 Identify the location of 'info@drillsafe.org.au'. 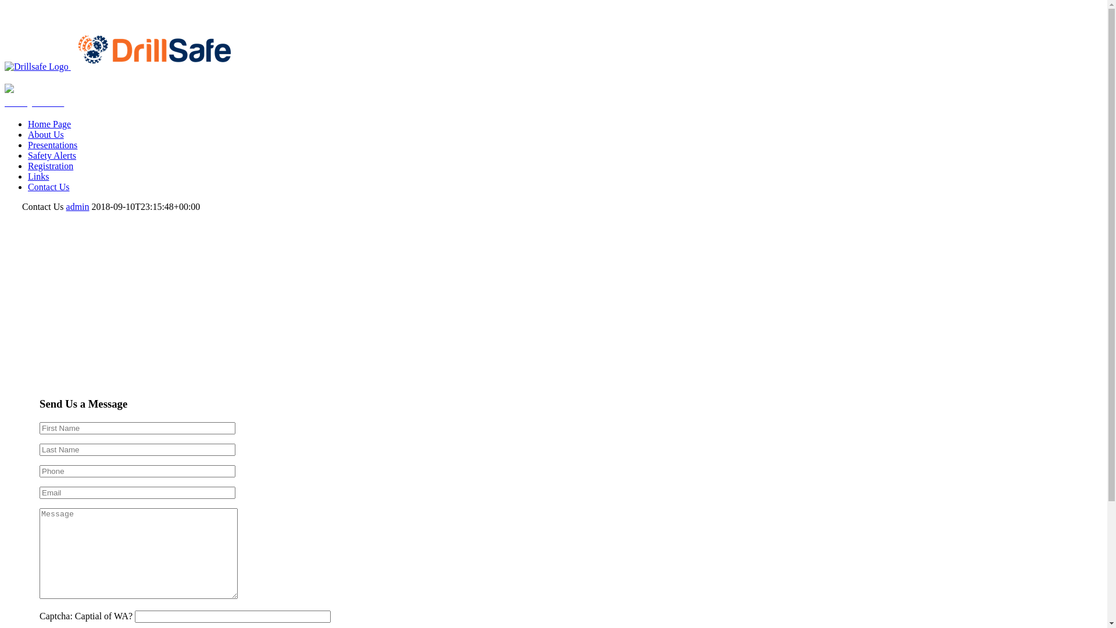
(44, 9).